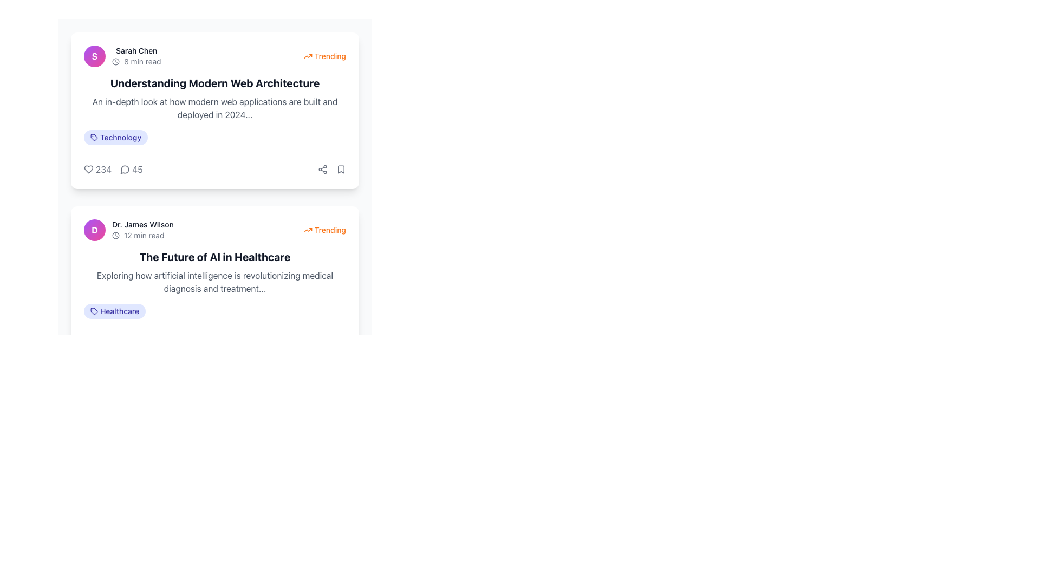 The width and height of the screenshot is (1040, 585). What do you see at coordinates (94, 311) in the screenshot?
I see `the SVG tag icon located immediately to the left of the 'Healthcare' text in the badge-like component at the bottom-left corner of the second article card` at bounding box center [94, 311].